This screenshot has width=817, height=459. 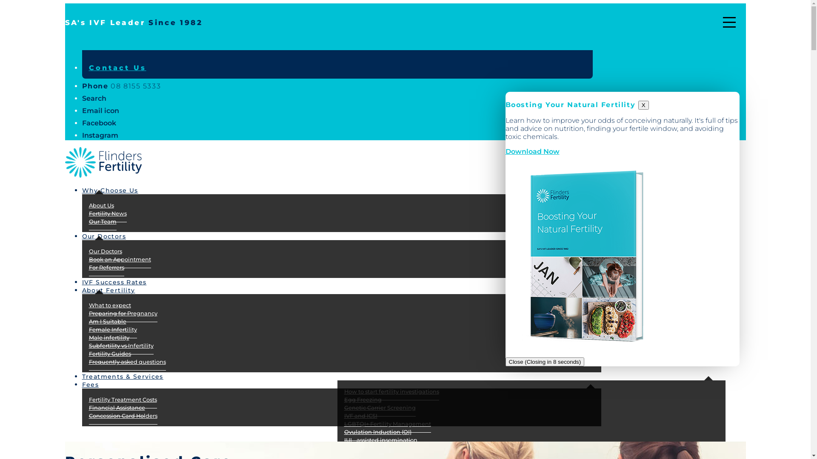 I want to click on 'Egg Freezing', so click(x=362, y=400).